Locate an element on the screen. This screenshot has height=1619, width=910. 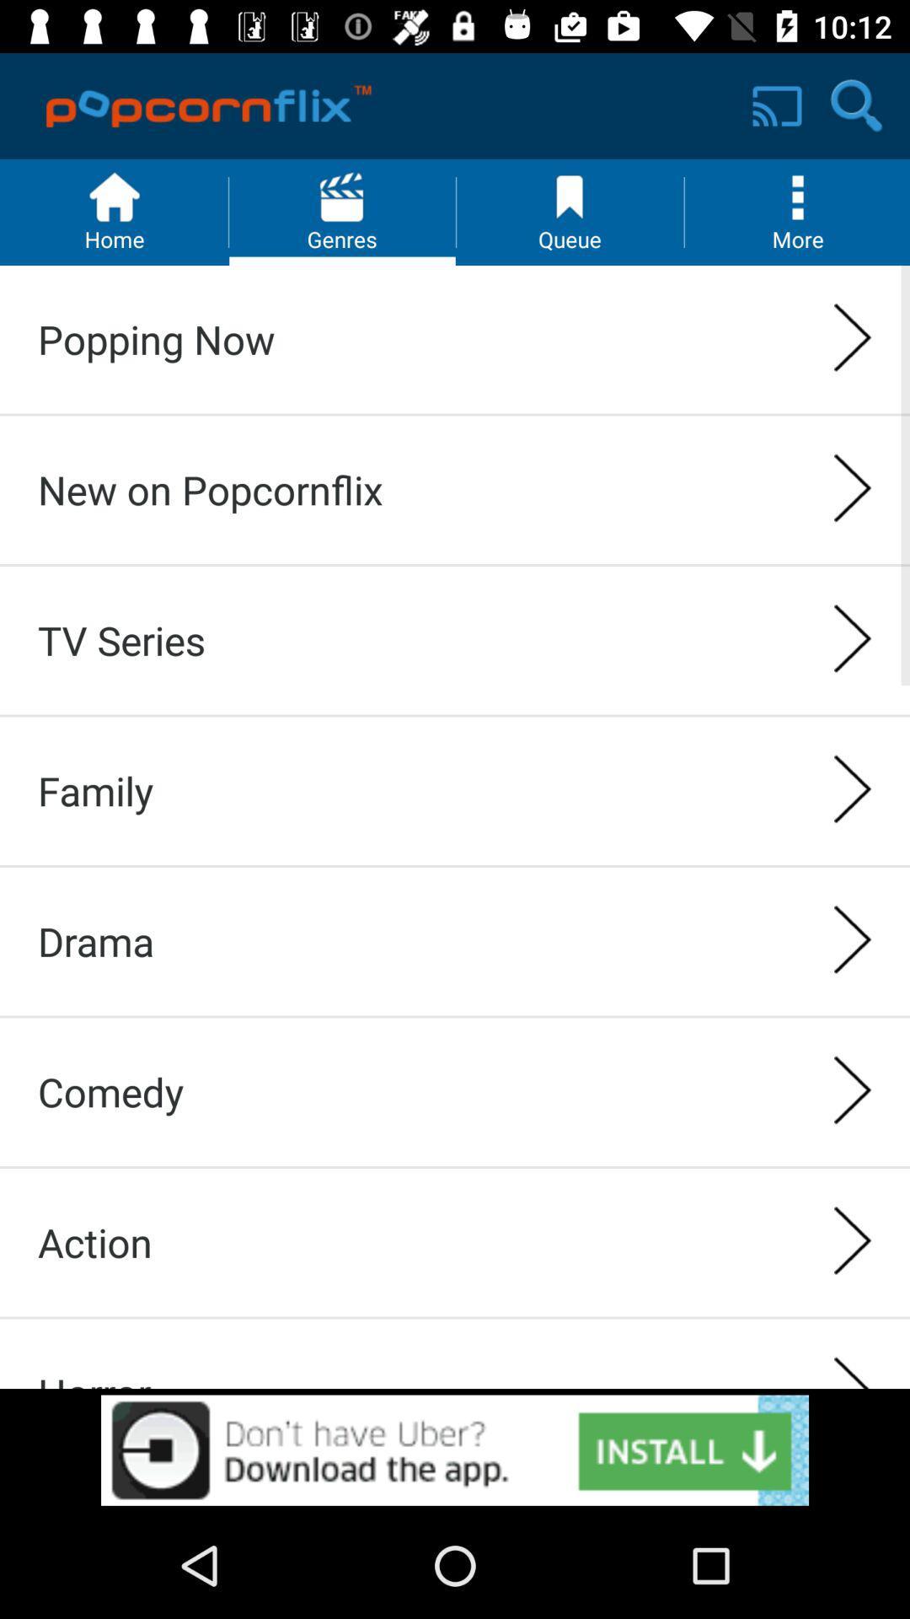
the image left to genres is located at coordinates (114, 212).